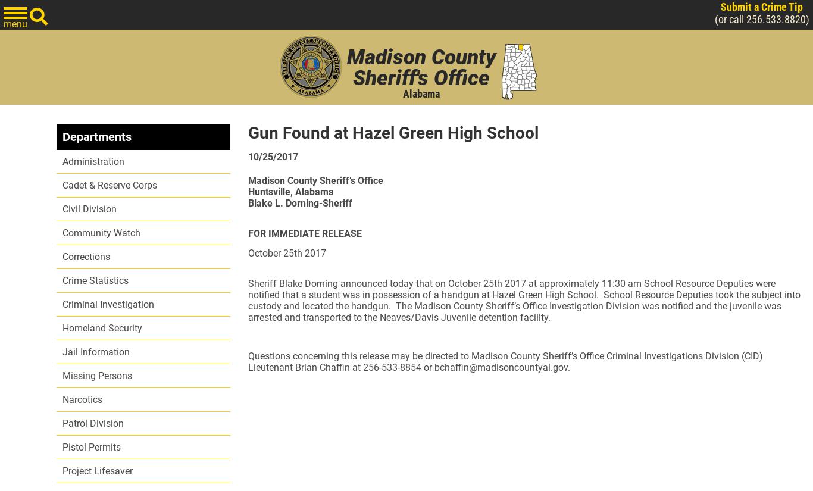 This screenshot has height=491, width=813. I want to click on 'Civil Division', so click(89, 209).